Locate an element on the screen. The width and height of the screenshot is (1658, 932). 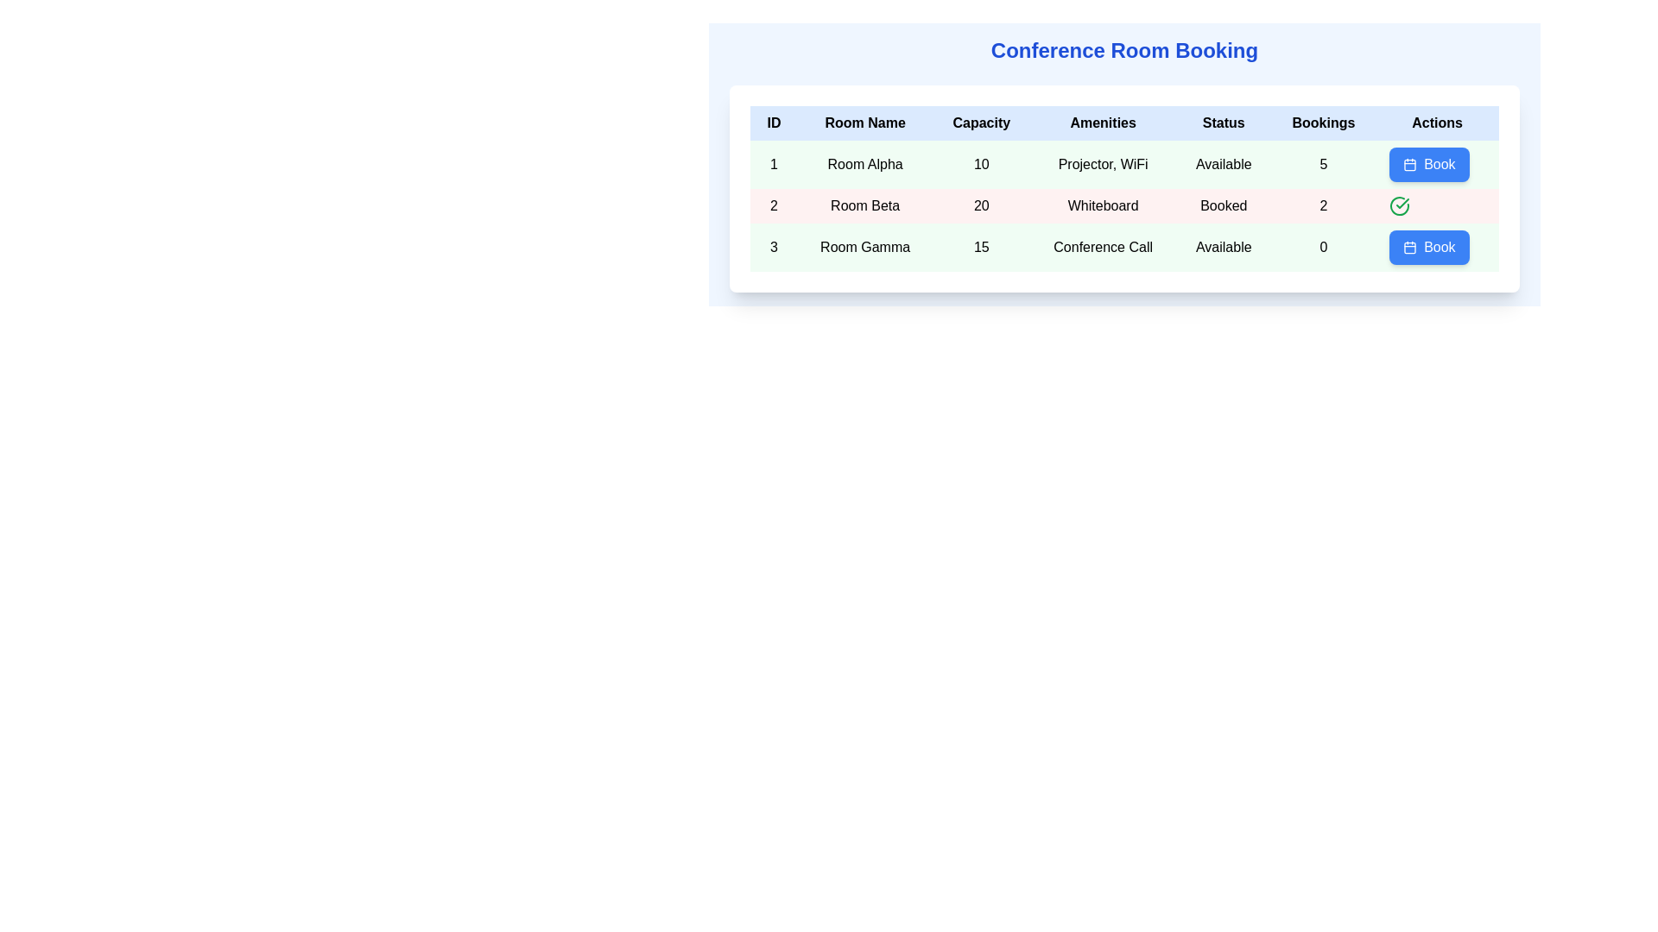
the text label displaying 'Room Alpha' in bold black font, located under the 'Room Name' column in the first row of the table is located at coordinates (865, 165).